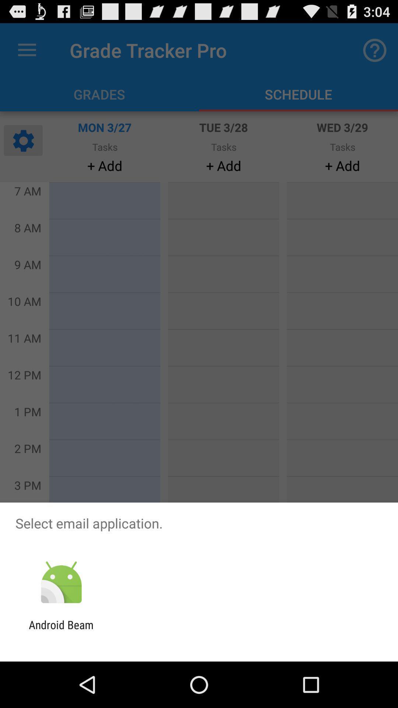  I want to click on the android beam app, so click(61, 631).